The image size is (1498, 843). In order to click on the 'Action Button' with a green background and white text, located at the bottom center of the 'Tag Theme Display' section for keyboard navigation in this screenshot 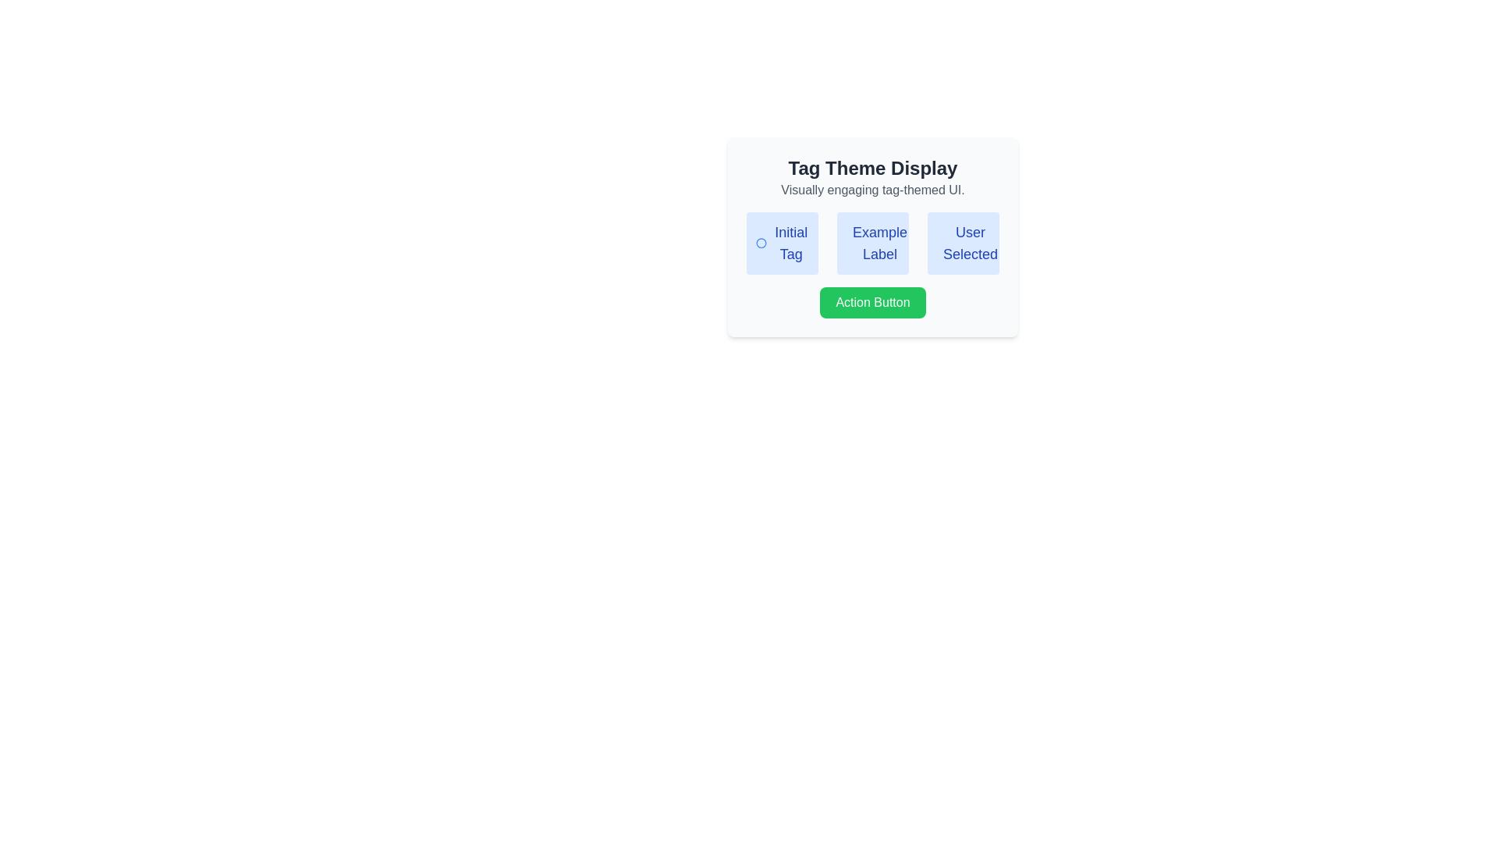, I will do `click(871, 303)`.